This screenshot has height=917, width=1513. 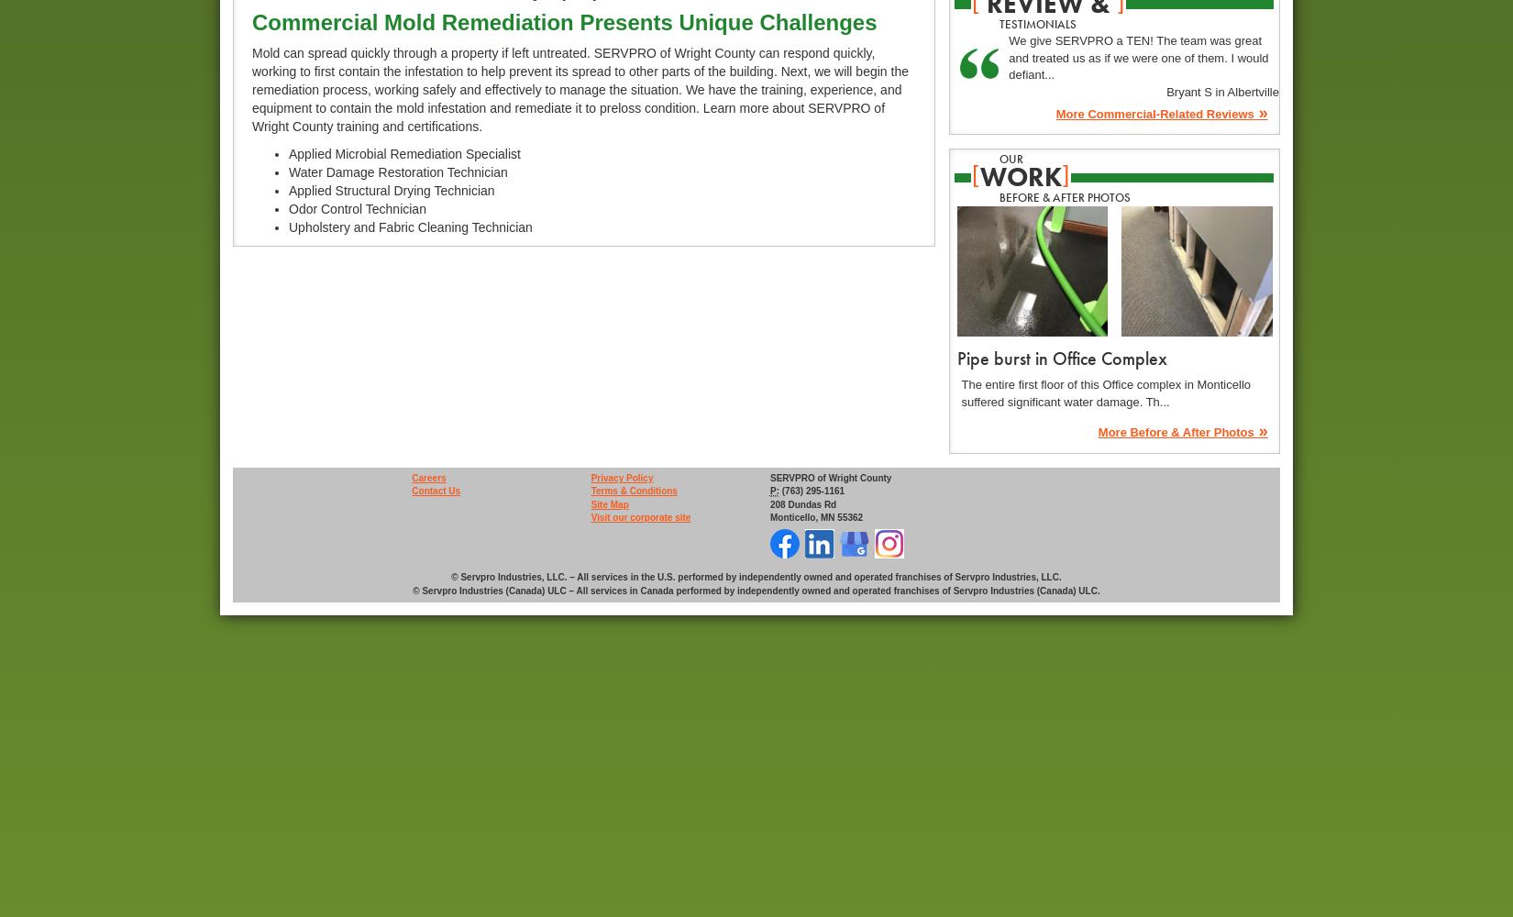 I want to click on 'Contact Us', so click(x=435, y=491).